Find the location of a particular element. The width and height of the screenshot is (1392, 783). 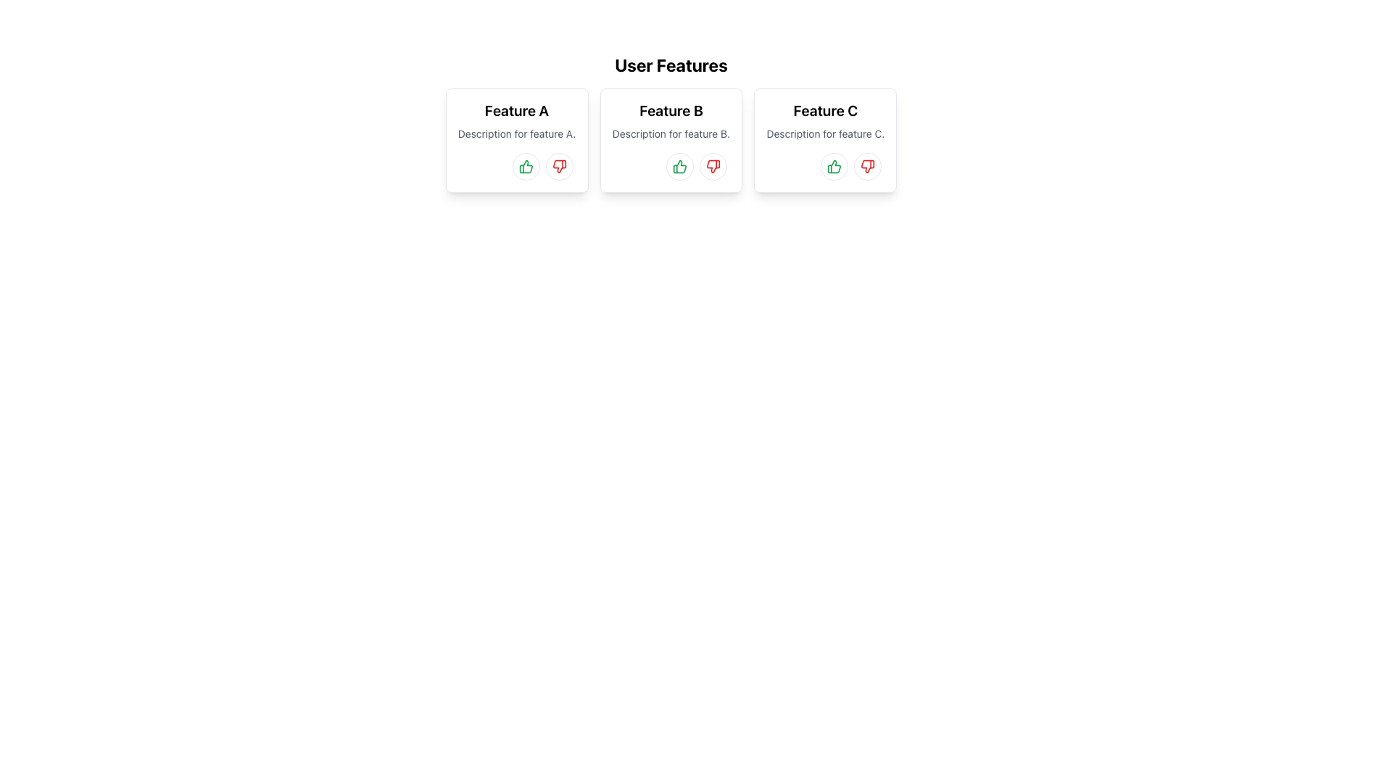

the 'Feature A' text label, which is displayed in bold and enlarged font within the top portion of the leftmost card in a group of three horizontally arranged cards is located at coordinates (517, 110).